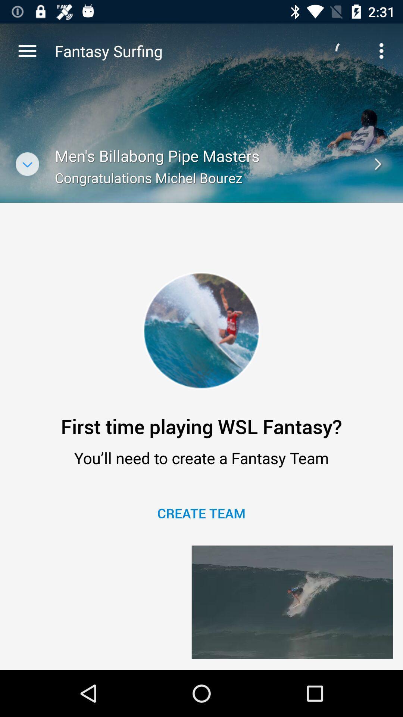  What do you see at coordinates (27, 164) in the screenshot?
I see `drop down icon` at bounding box center [27, 164].